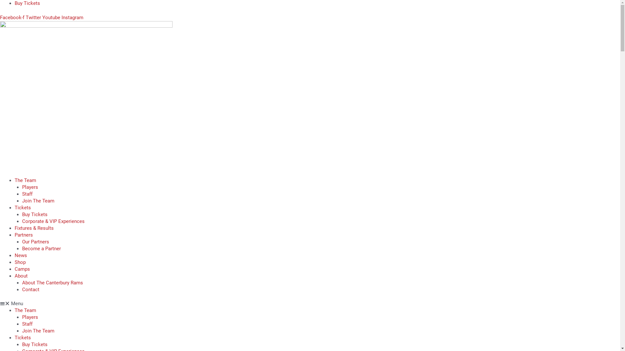  What do you see at coordinates (22, 241) in the screenshot?
I see `'Our Partners'` at bounding box center [22, 241].